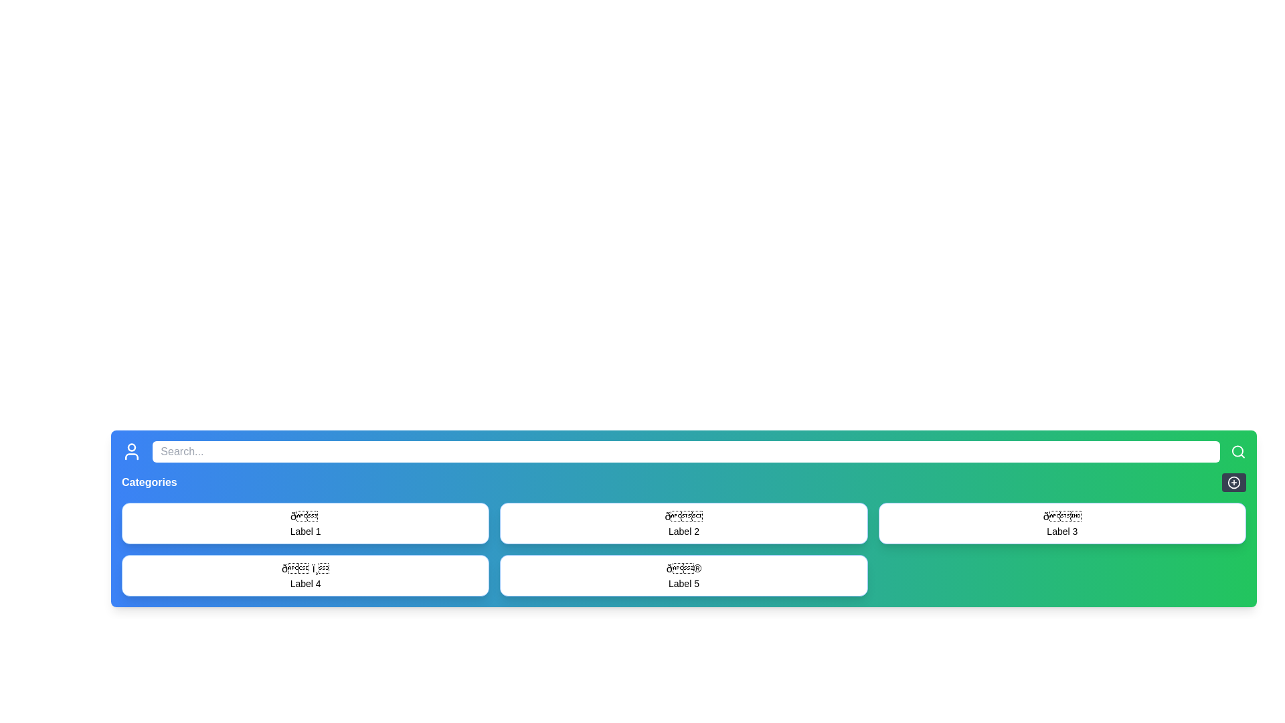 The image size is (1285, 723). Describe the element at coordinates (1233, 483) in the screenshot. I see `the circular button with a dark background and white borders containing a plus sign icon, positioned towards the top-right corner of the 'Categories' section` at that location.